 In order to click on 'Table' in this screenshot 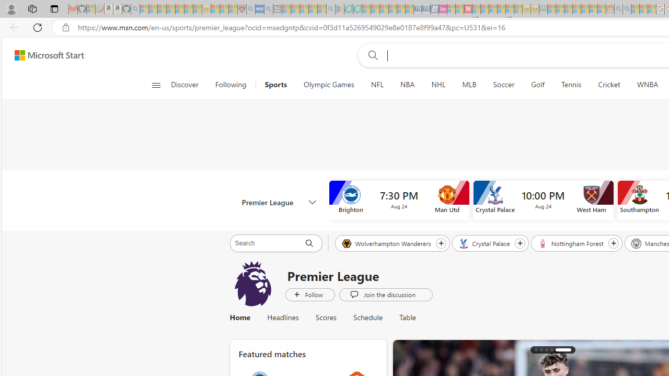, I will do `click(407, 317)`.